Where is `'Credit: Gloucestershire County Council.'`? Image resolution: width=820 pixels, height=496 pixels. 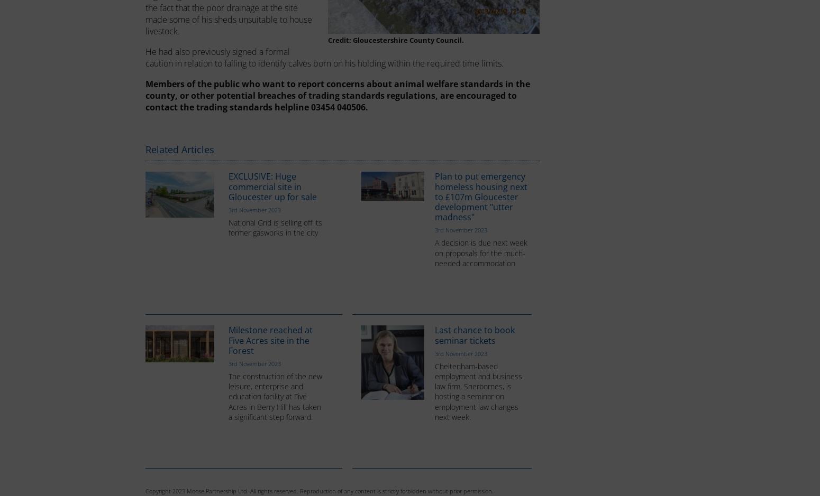 'Credit: Gloucestershire County Council.' is located at coordinates (395, 40).